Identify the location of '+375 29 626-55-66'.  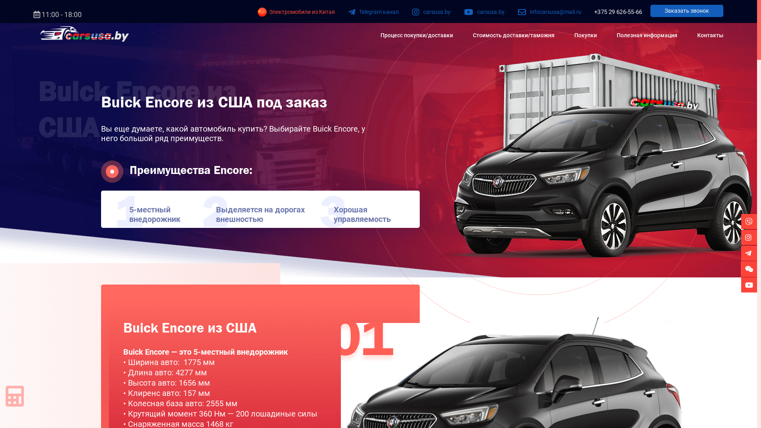
(618, 12).